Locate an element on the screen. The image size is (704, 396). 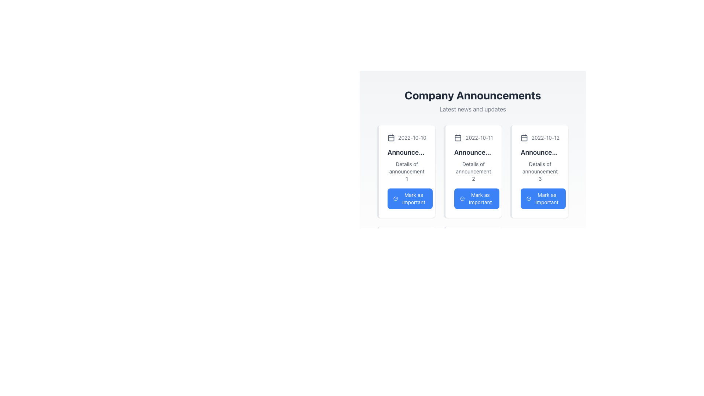
the Static Text element located below the 'Company Announcements' header, which serves as a subtitle providing additional context, distinguished by its smaller font size and lighter color is located at coordinates (473, 109).